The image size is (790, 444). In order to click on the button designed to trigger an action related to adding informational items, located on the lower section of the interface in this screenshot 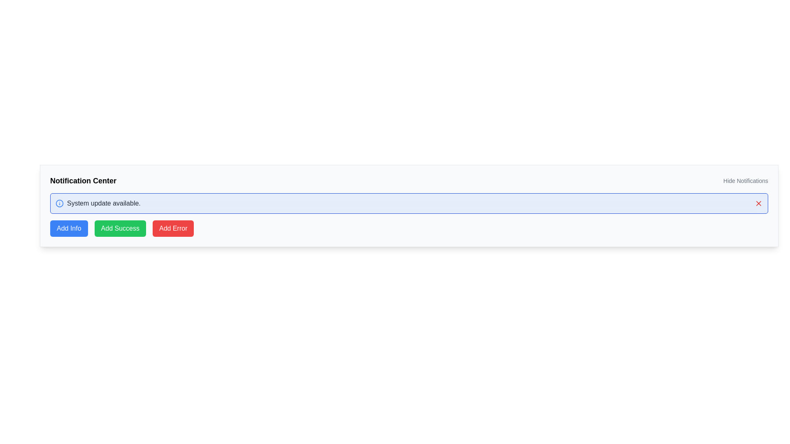, I will do `click(69, 228)`.